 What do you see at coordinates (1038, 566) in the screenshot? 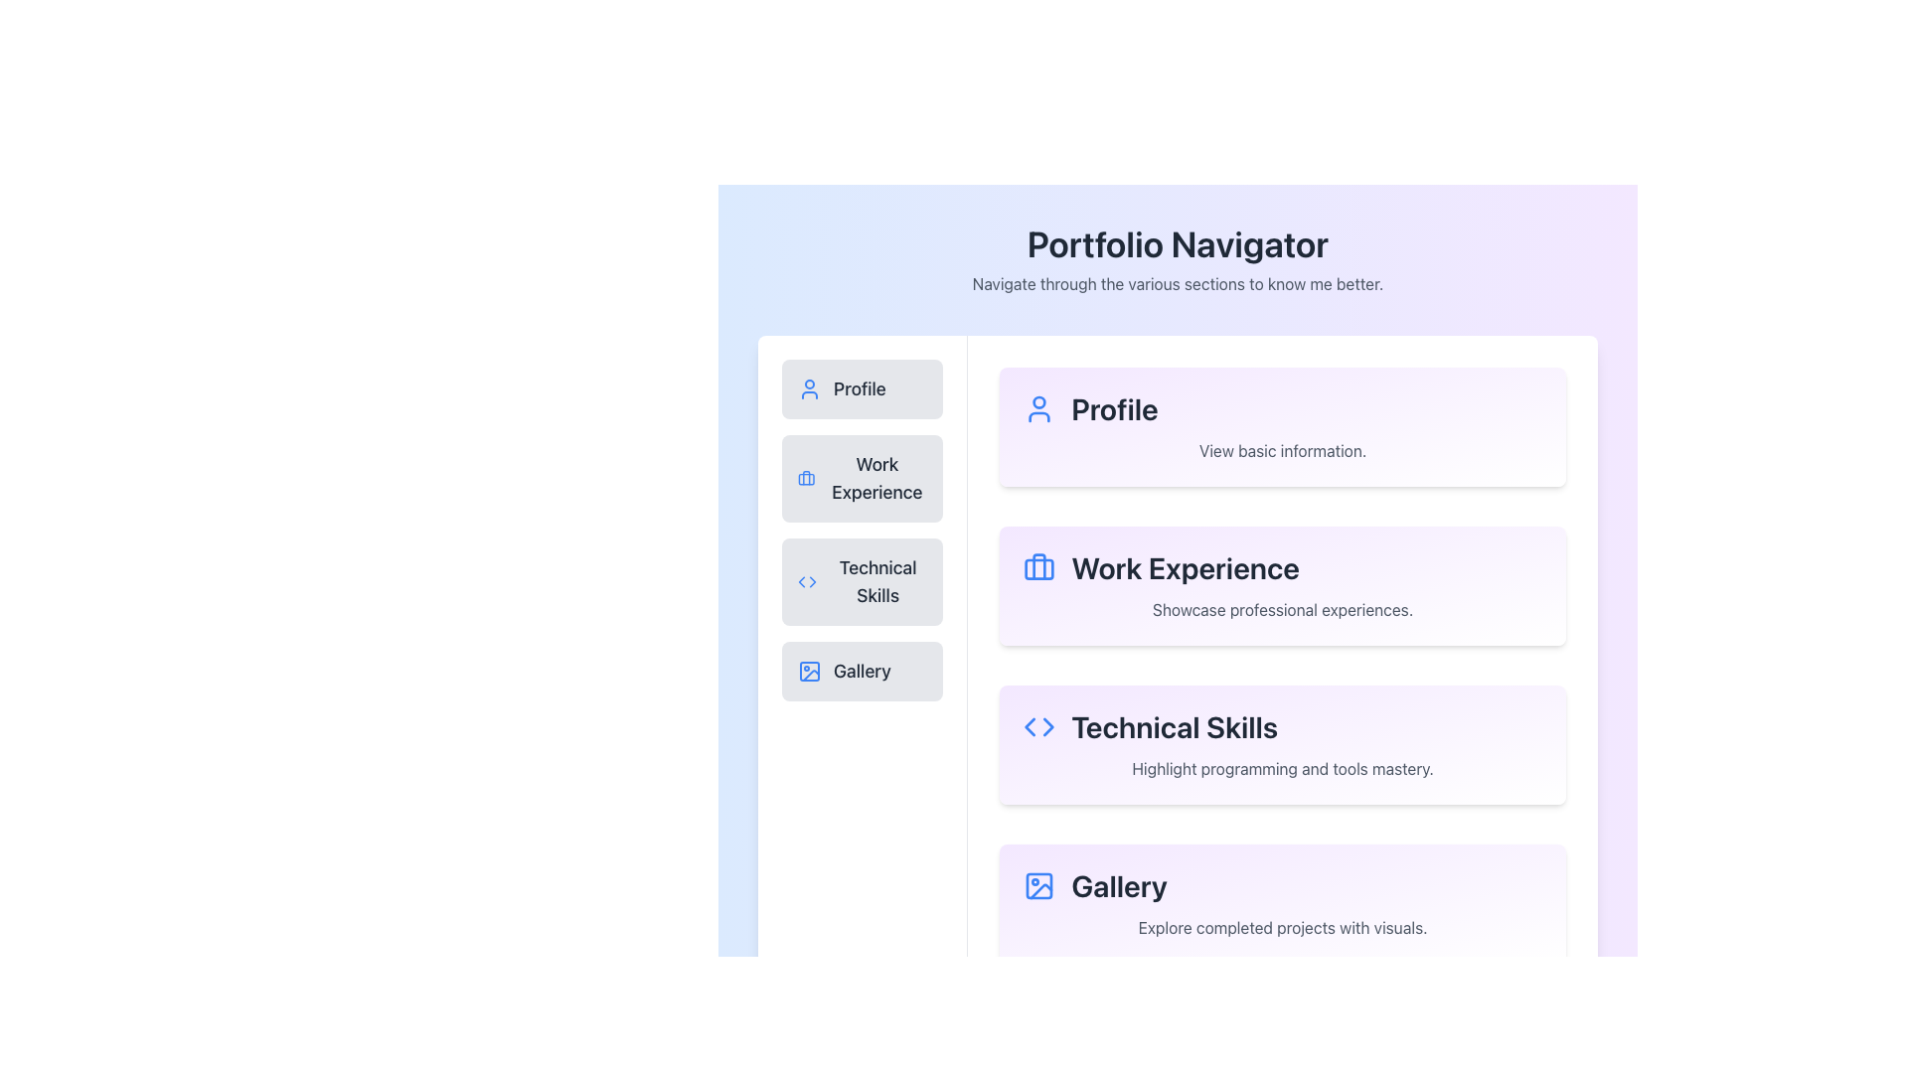
I see `the vertical line handle within the briefcase icon located in the second position of the vertical navigation menu adjacent to the 'Profile' and 'Technical Skills' items` at bounding box center [1038, 566].